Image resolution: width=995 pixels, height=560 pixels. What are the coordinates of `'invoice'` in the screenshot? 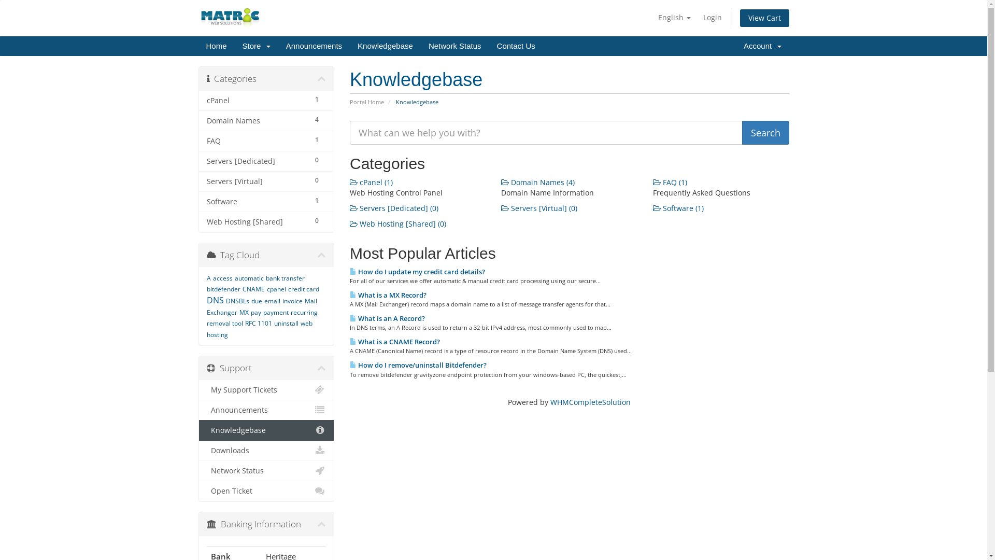 It's located at (281, 301).